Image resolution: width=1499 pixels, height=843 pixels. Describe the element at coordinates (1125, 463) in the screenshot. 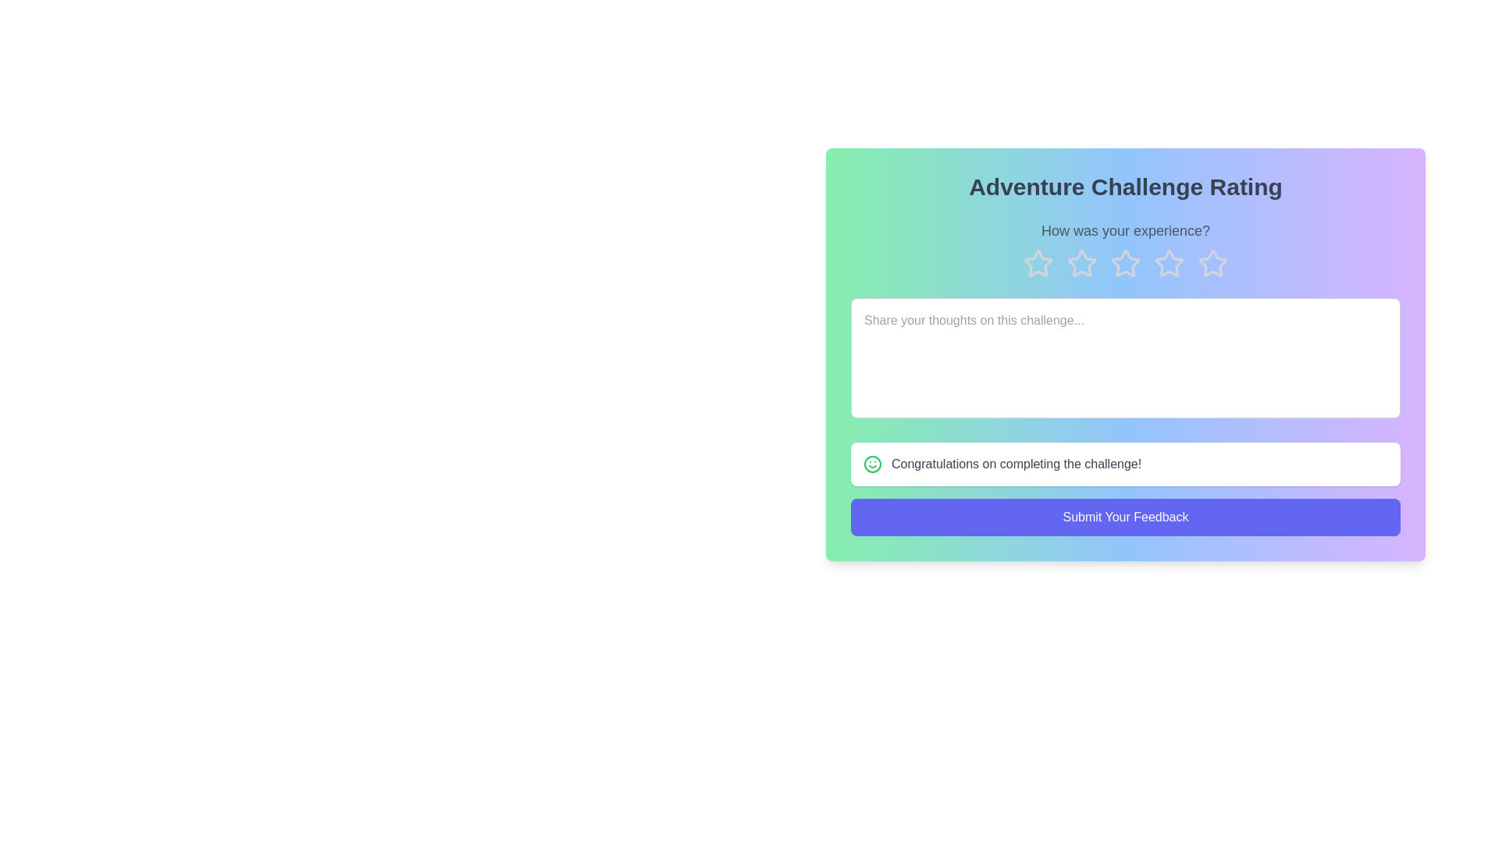

I see `the static informational message box containing a green smiley face icon and the text 'Congratulations on completing the challenge!'` at that location.